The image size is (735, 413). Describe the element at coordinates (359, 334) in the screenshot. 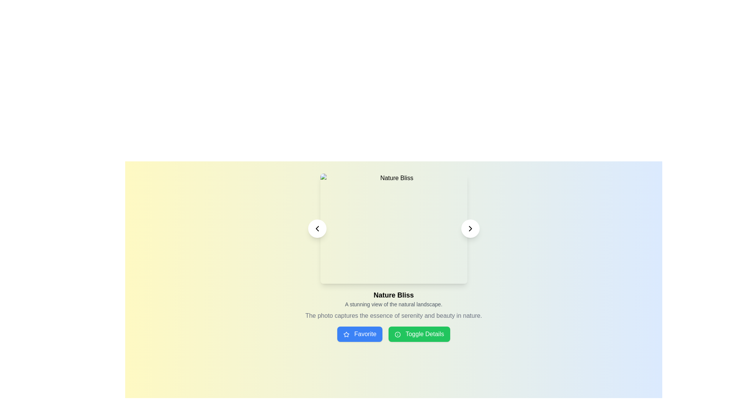

I see `the prominent blue 'Favorite' button with rounded edges and a star icon for visual feedback` at that location.